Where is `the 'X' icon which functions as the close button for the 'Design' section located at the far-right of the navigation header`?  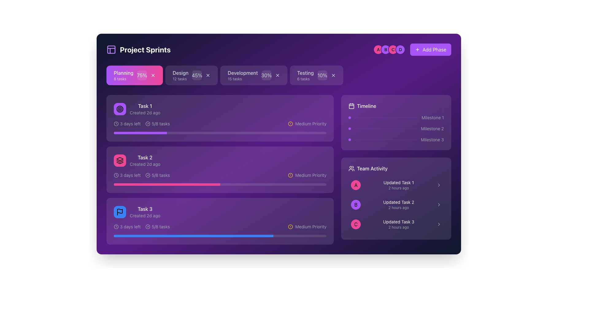
the 'X' icon which functions as the close button for the 'Design' section located at the far-right of the navigation header is located at coordinates (208, 75).